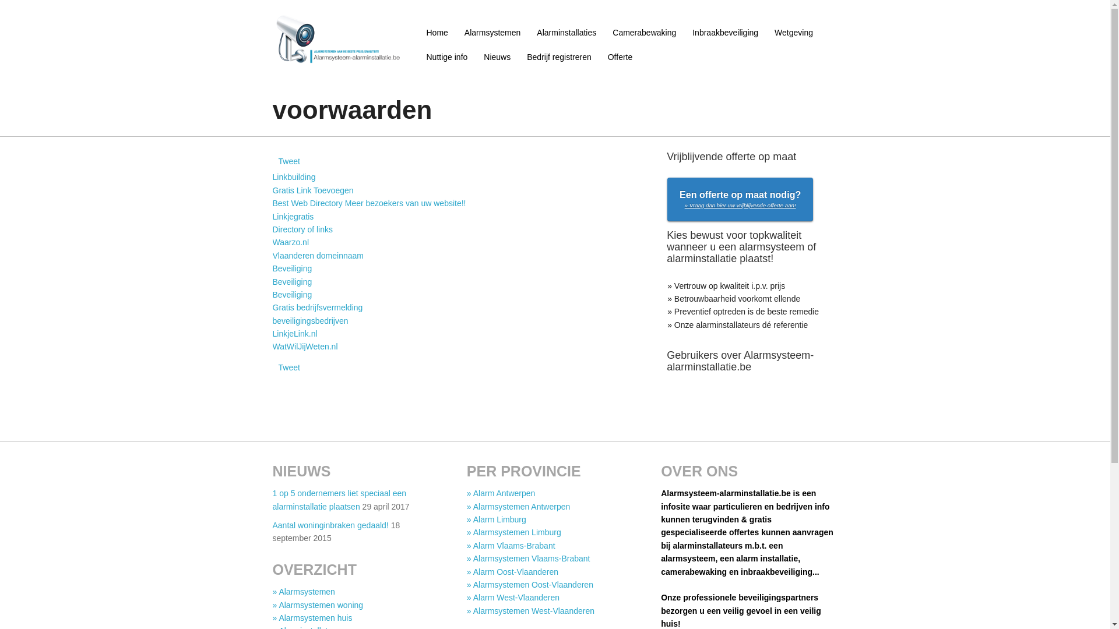 The height and width of the screenshot is (629, 1119). What do you see at coordinates (272, 242) in the screenshot?
I see `'Waarzo.nl'` at bounding box center [272, 242].